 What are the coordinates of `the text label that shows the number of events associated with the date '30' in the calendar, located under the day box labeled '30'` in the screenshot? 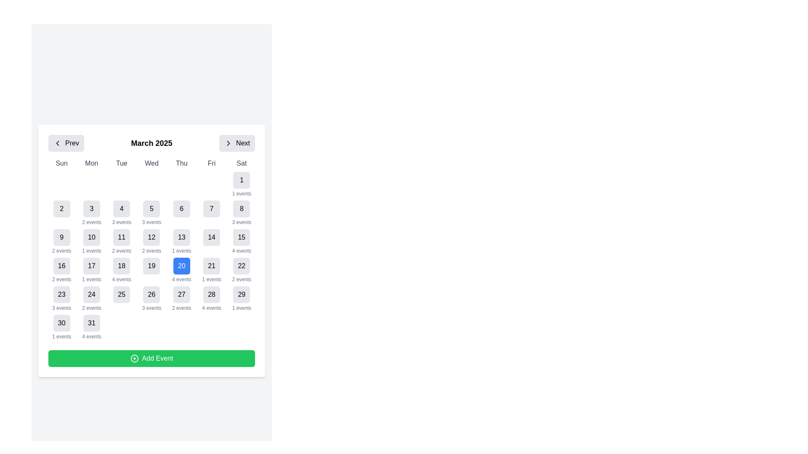 It's located at (61, 336).